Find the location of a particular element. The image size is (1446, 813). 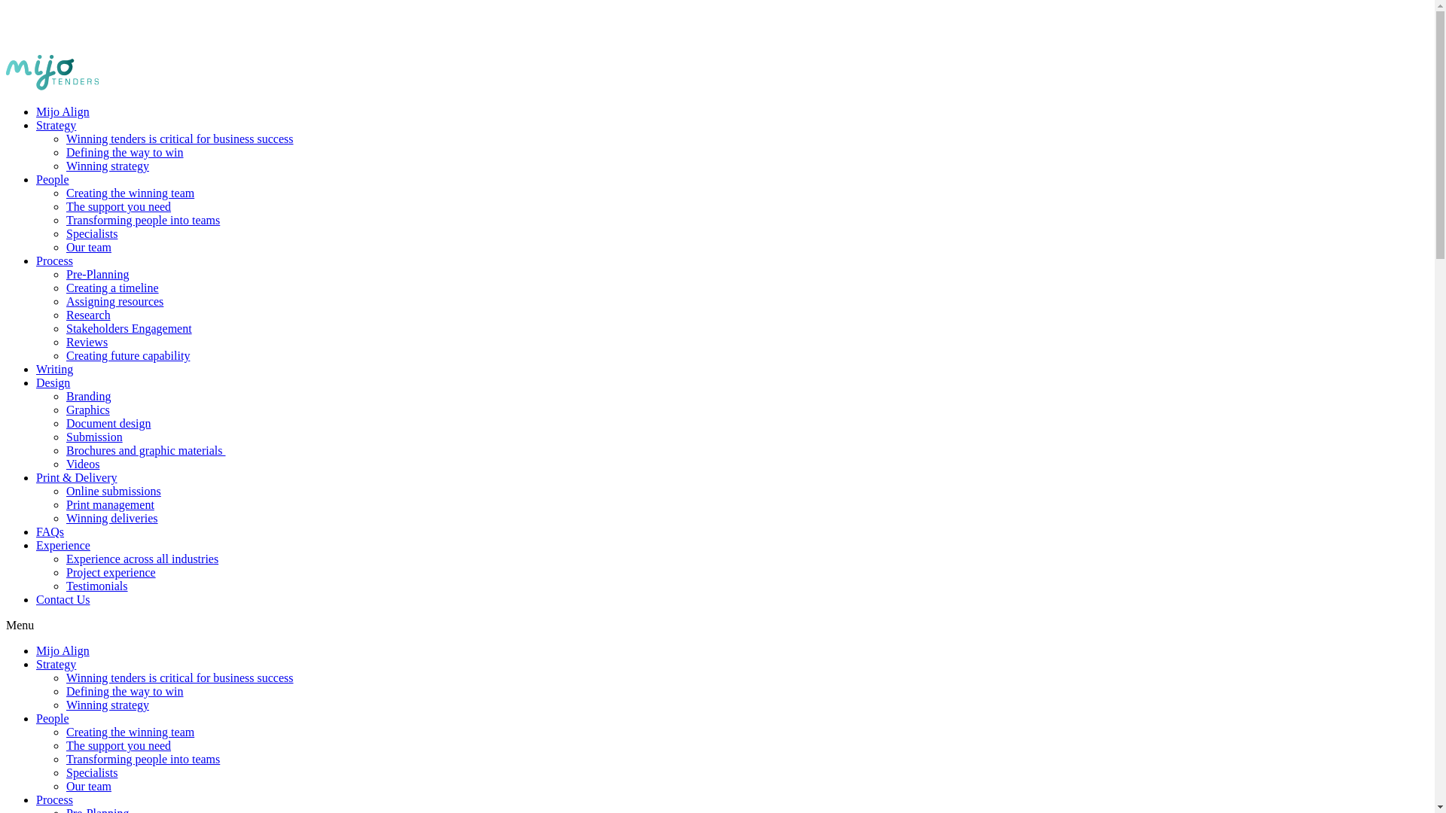

'The support you need' is located at coordinates (65, 745).